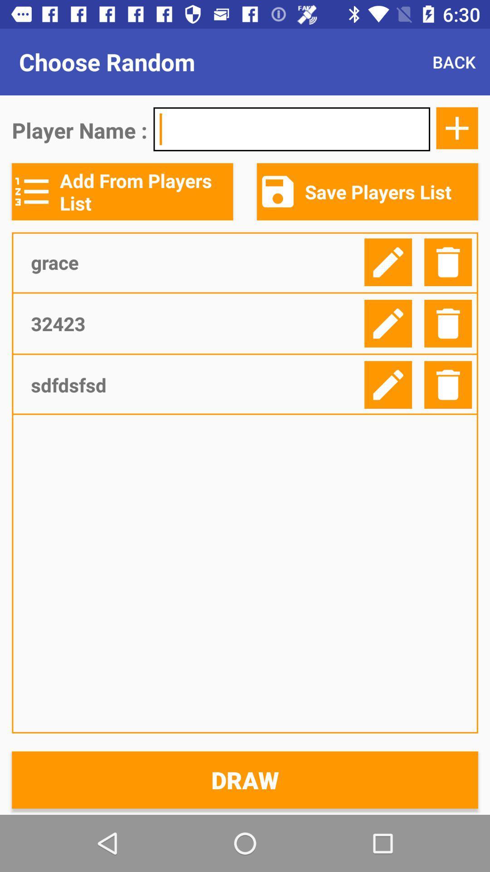 The image size is (490, 872). Describe the element at coordinates (292, 129) in the screenshot. I see `open search bar` at that location.